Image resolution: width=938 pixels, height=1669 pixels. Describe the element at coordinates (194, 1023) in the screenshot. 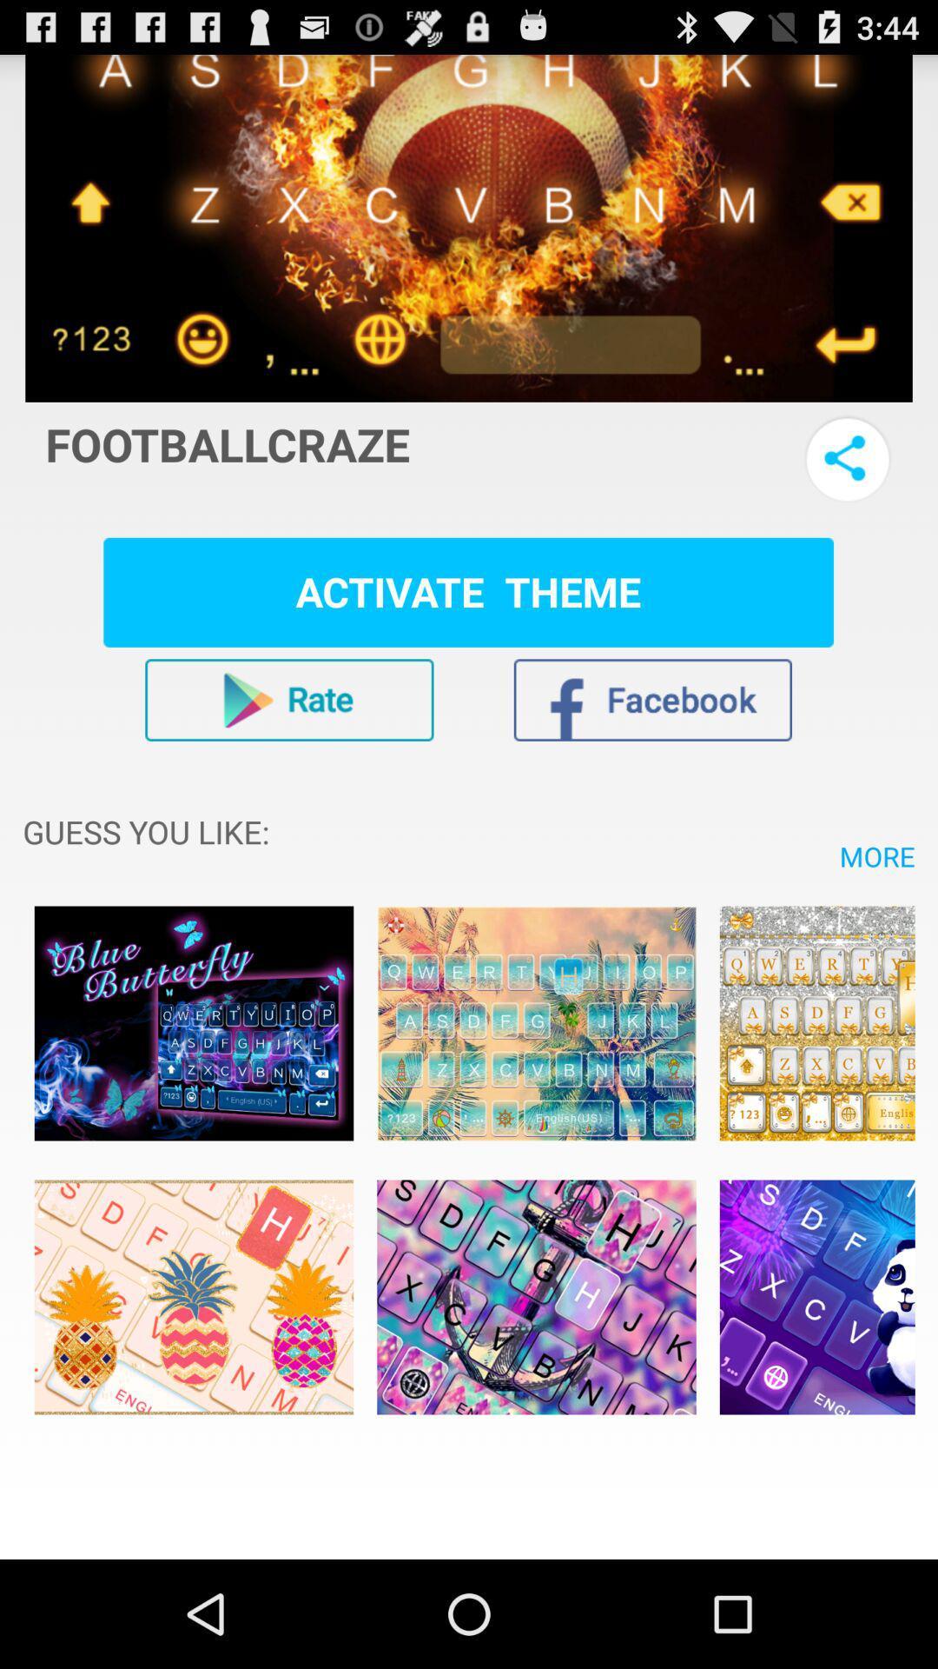

I see `selecting the other theme` at that location.